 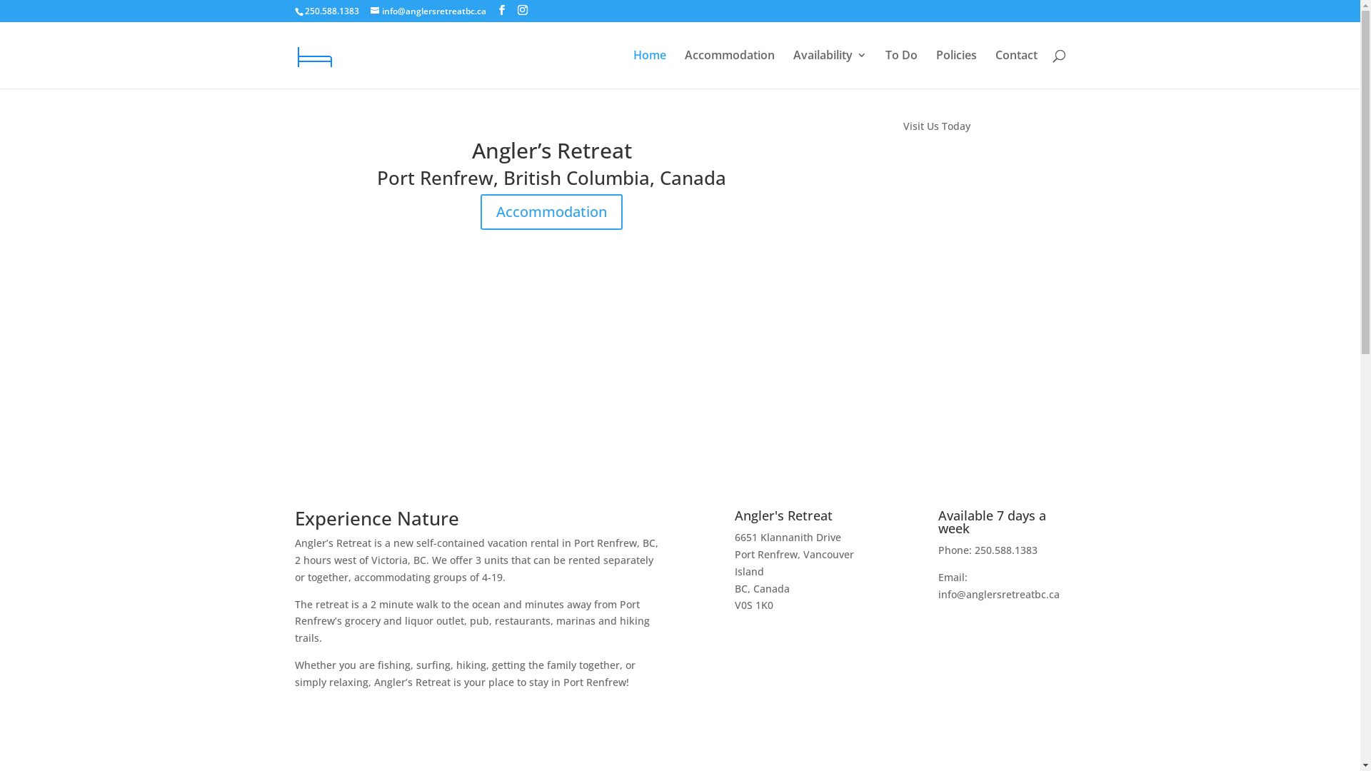 I want to click on 'Accommodation', so click(x=551, y=212).